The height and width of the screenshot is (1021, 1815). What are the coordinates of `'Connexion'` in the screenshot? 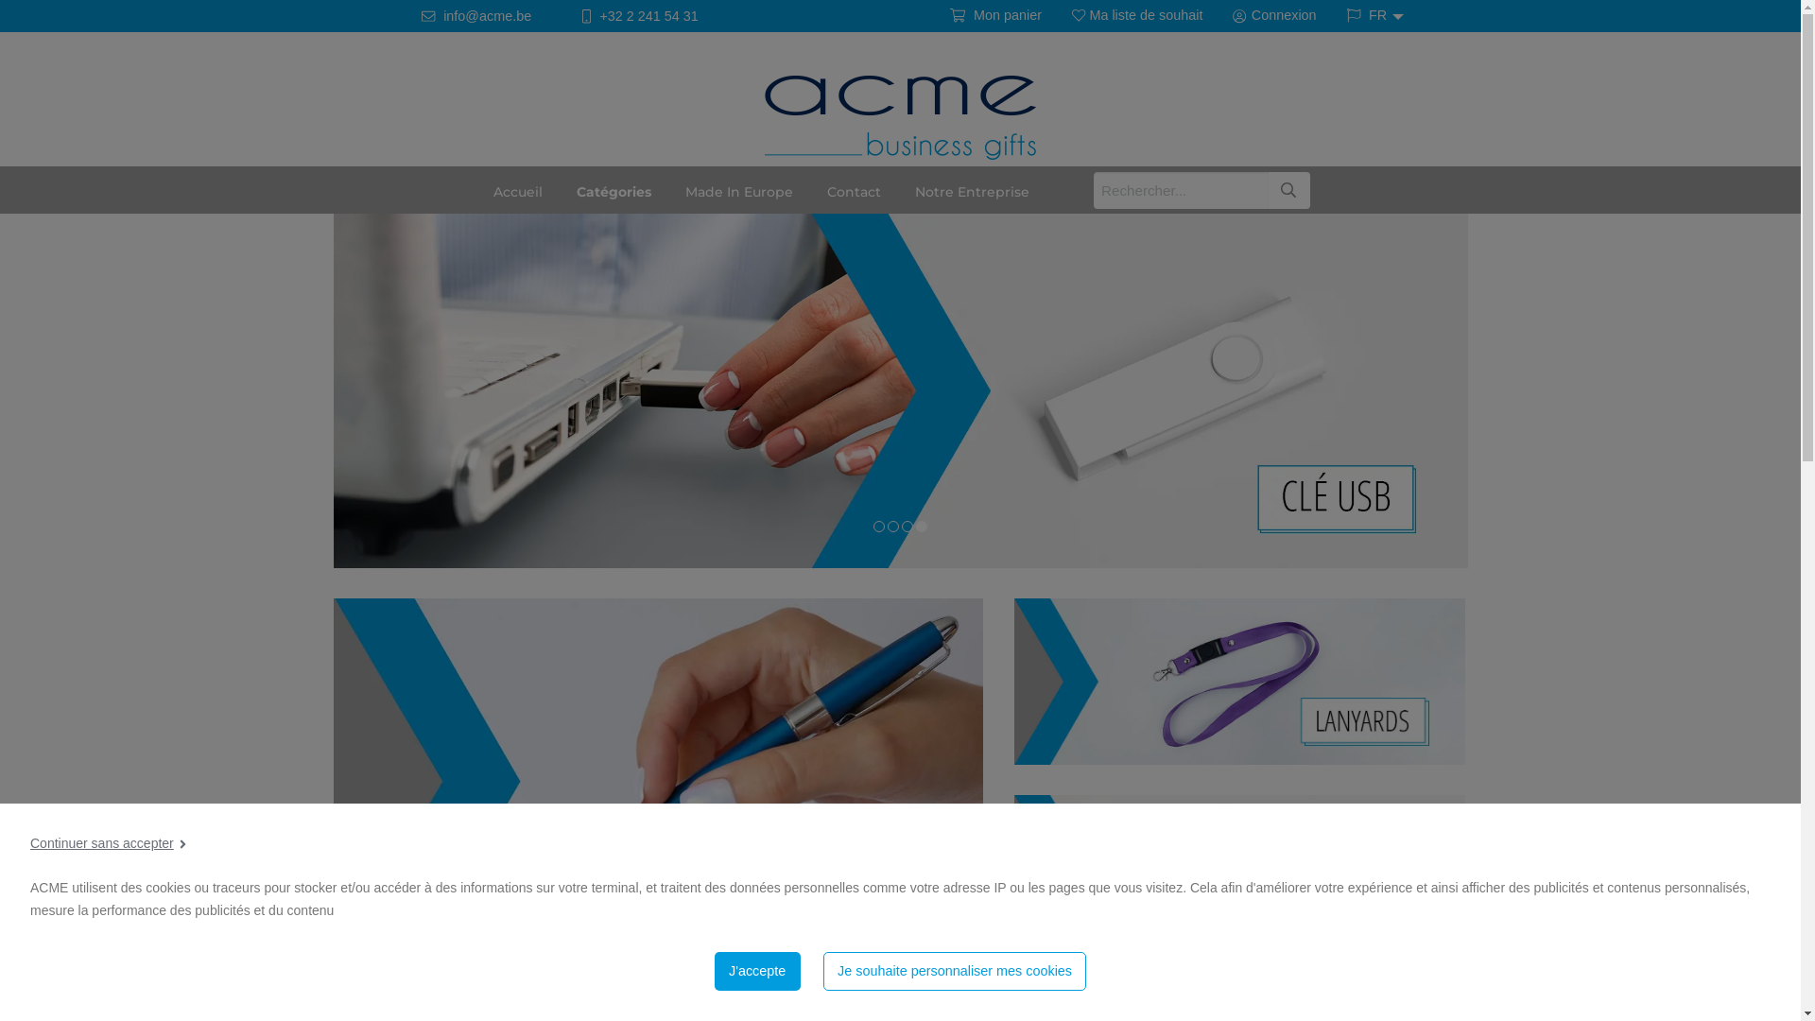 It's located at (1274, 15).